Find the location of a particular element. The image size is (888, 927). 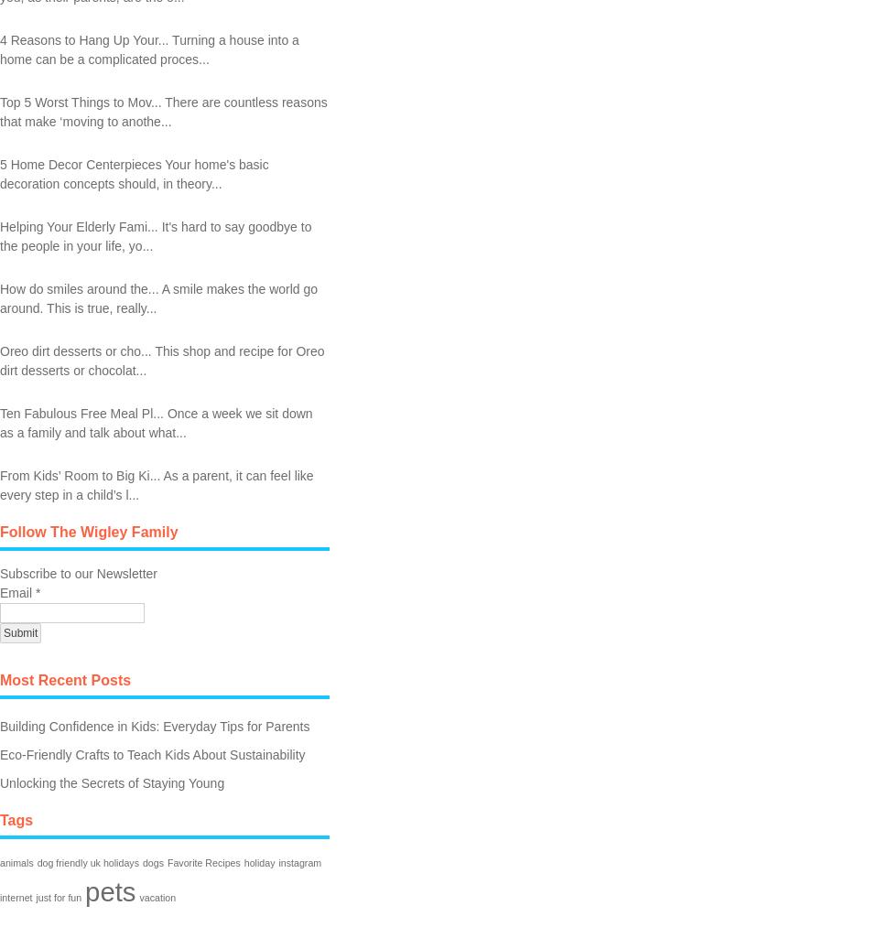

'Eco-Friendly Crafts to Teach Kids About Sustainability' is located at coordinates (151, 752).